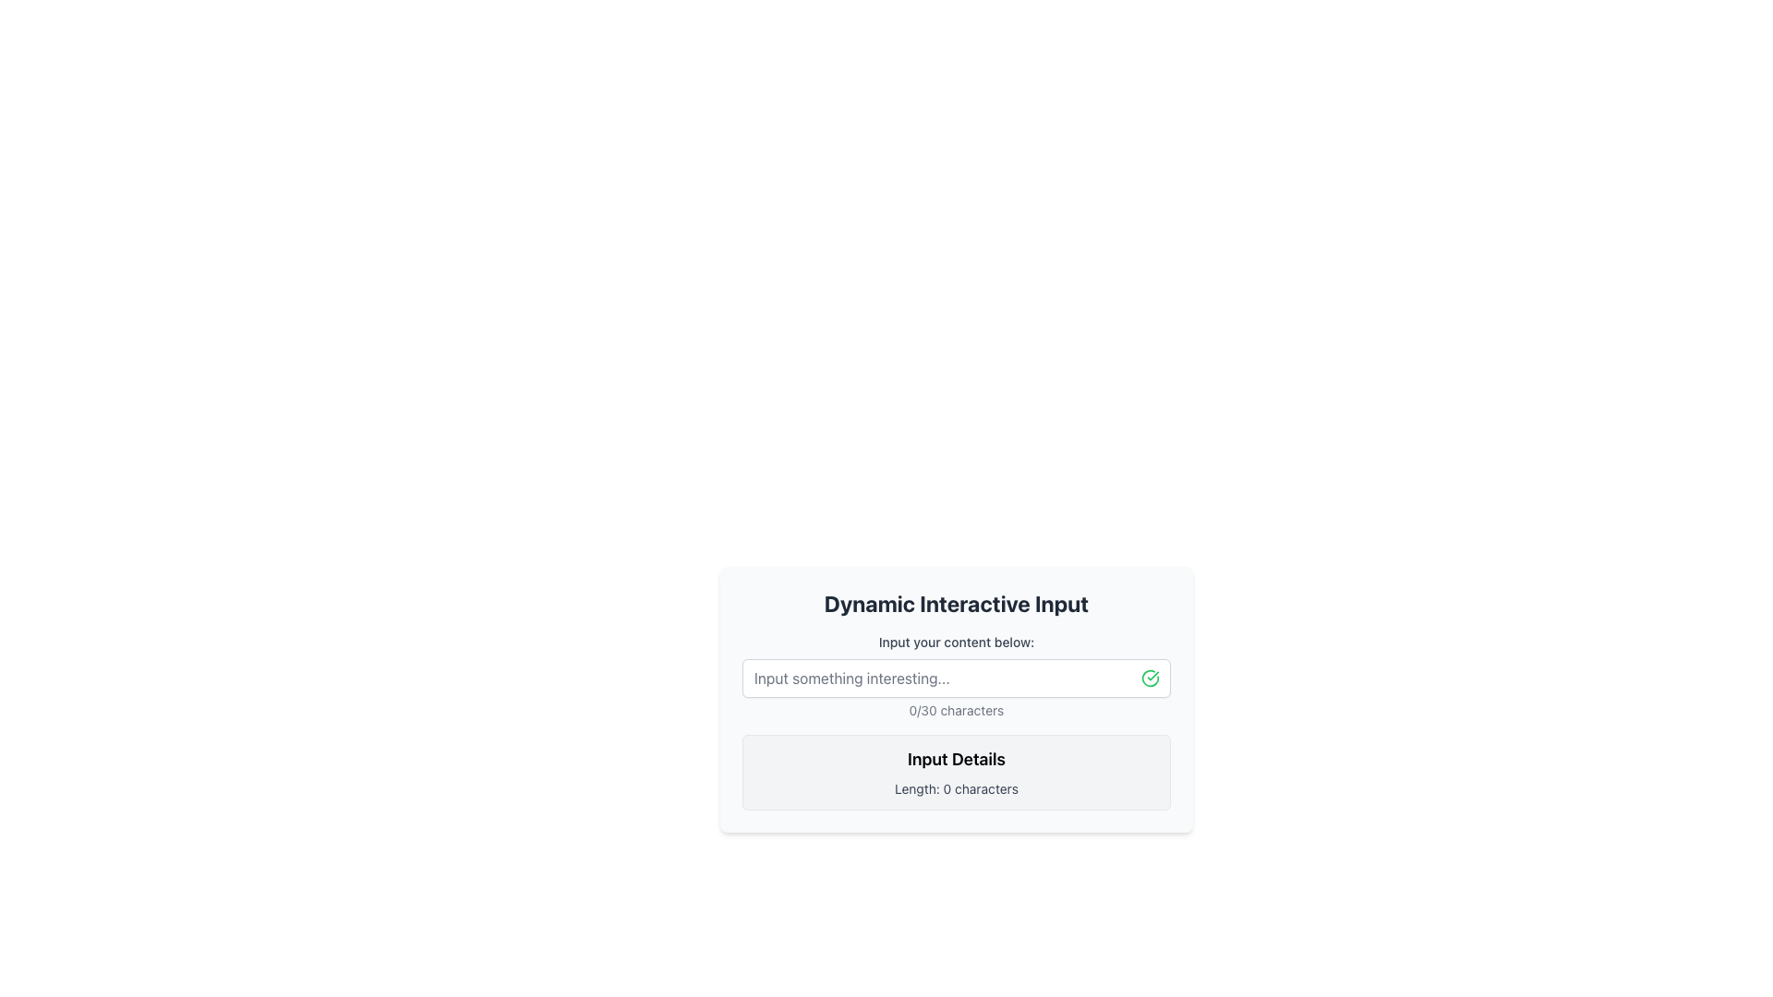  I want to click on the text label displaying '0/30 characters', which is positioned below the input field labeled 'Input your content below', so click(957, 710).